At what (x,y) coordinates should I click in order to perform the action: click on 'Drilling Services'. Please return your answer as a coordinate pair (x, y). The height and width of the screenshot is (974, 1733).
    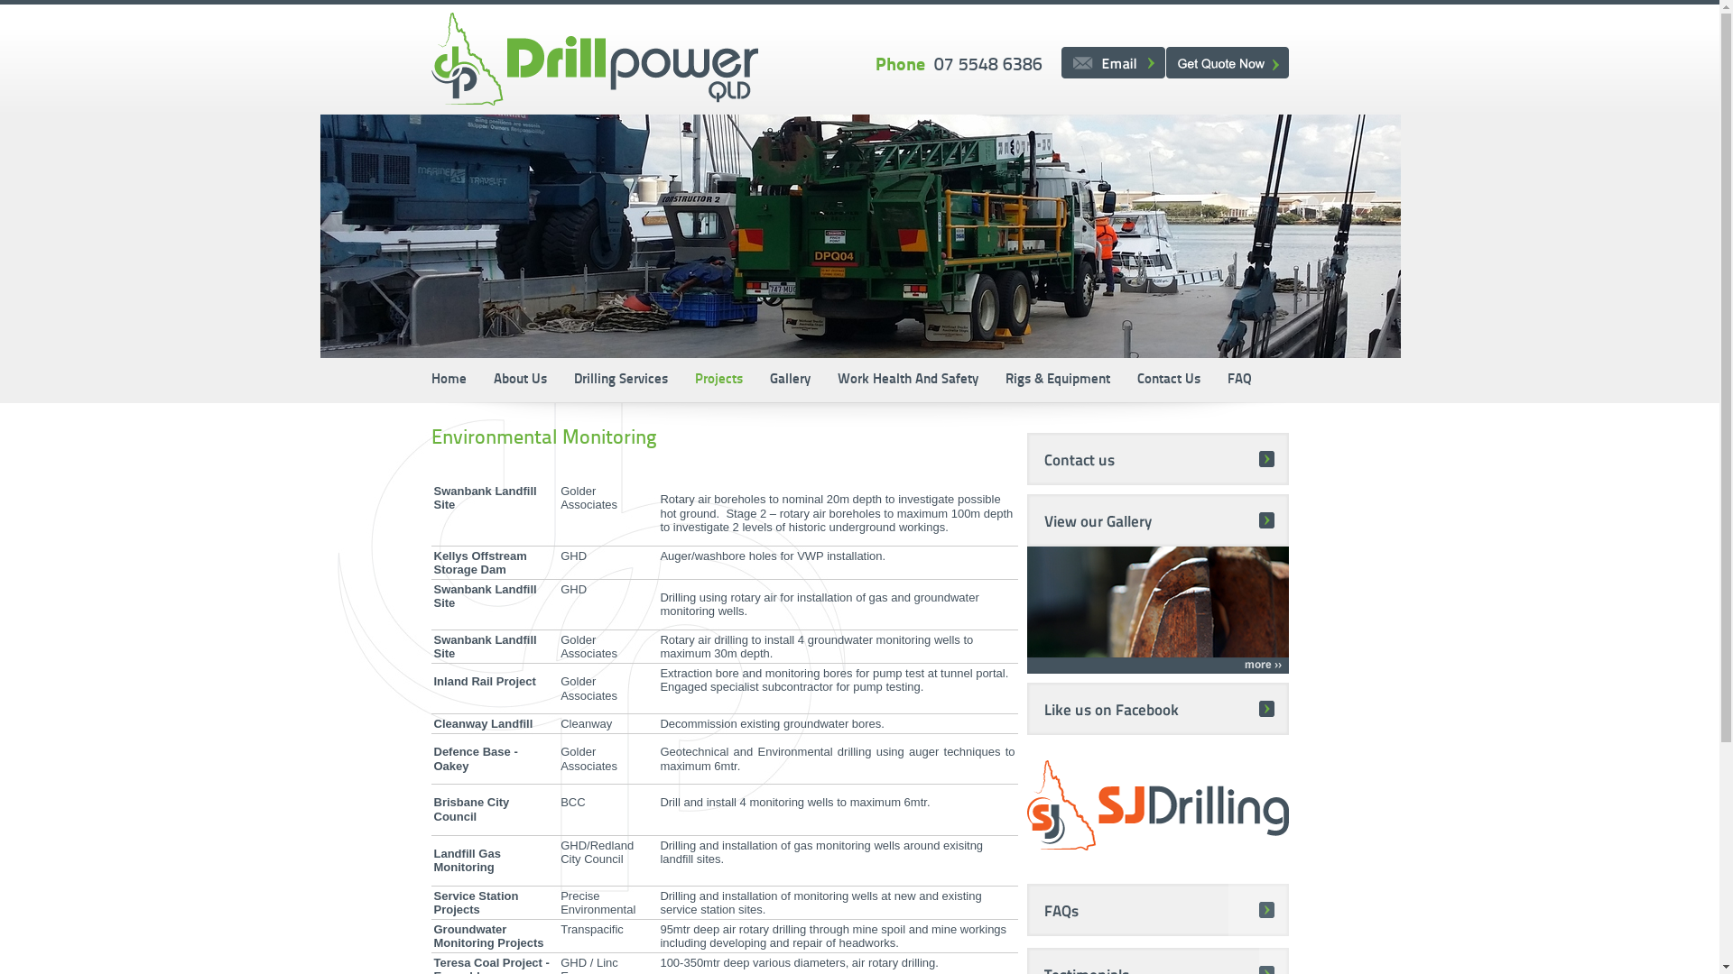
    Looking at the image, I should click on (558, 379).